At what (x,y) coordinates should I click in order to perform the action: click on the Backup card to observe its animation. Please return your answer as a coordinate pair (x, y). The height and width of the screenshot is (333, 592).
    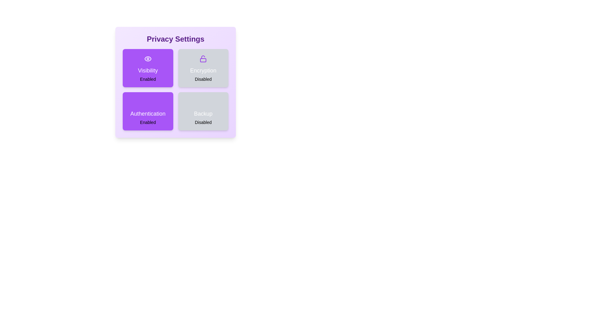
    Looking at the image, I should click on (203, 111).